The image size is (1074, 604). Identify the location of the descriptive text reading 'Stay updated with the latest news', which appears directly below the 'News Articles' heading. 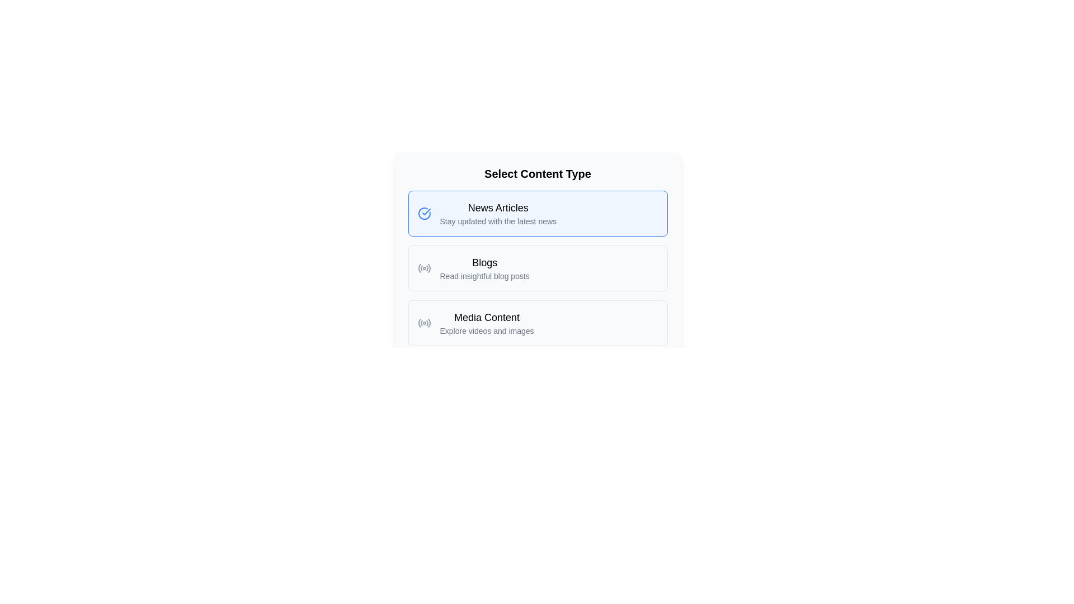
(497, 221).